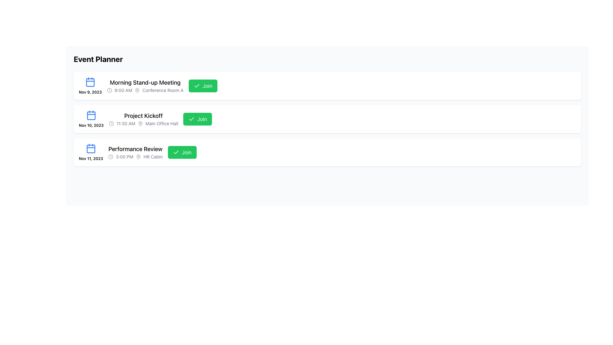  What do you see at coordinates (91, 116) in the screenshot?
I see `the SVG graphical shape of the calendar icon located on the left side of the entry labeled 'Nov 11, 2023 Performance Review.'` at bounding box center [91, 116].